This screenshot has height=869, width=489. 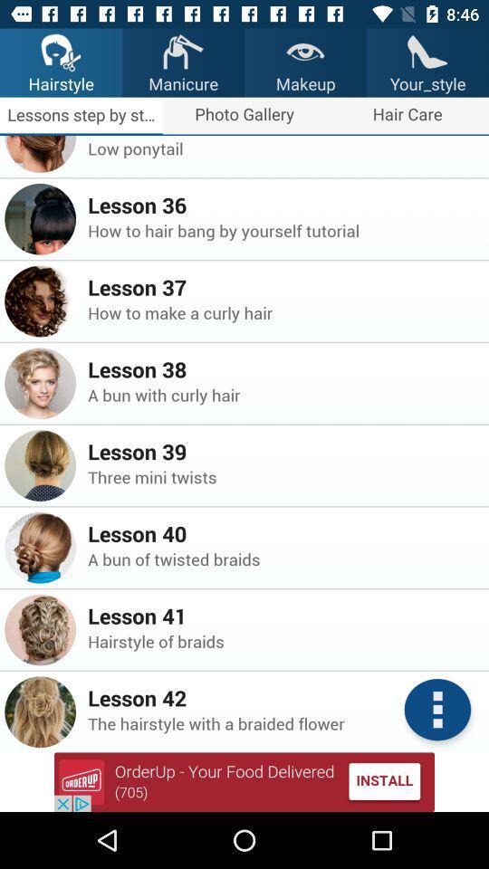 What do you see at coordinates (283, 205) in the screenshot?
I see `lesson 36 item` at bounding box center [283, 205].